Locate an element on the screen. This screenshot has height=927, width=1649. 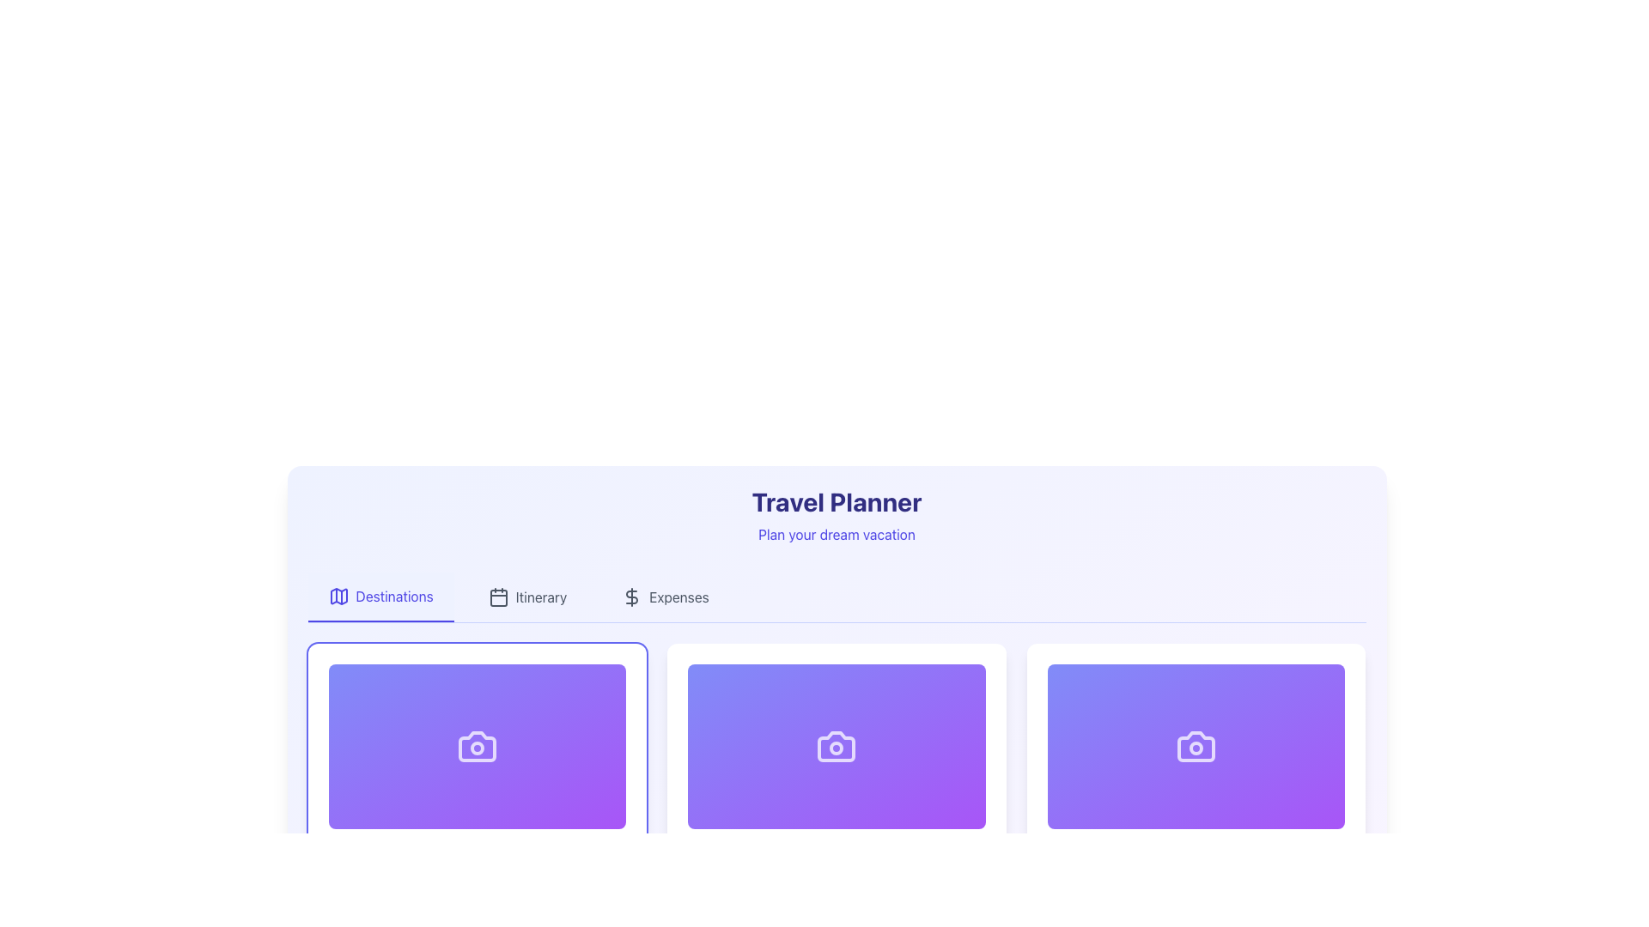
the 'Expenses' button, which features a dollar sign icon and is the third item in the horizontal navigation bar is located at coordinates (664, 596).